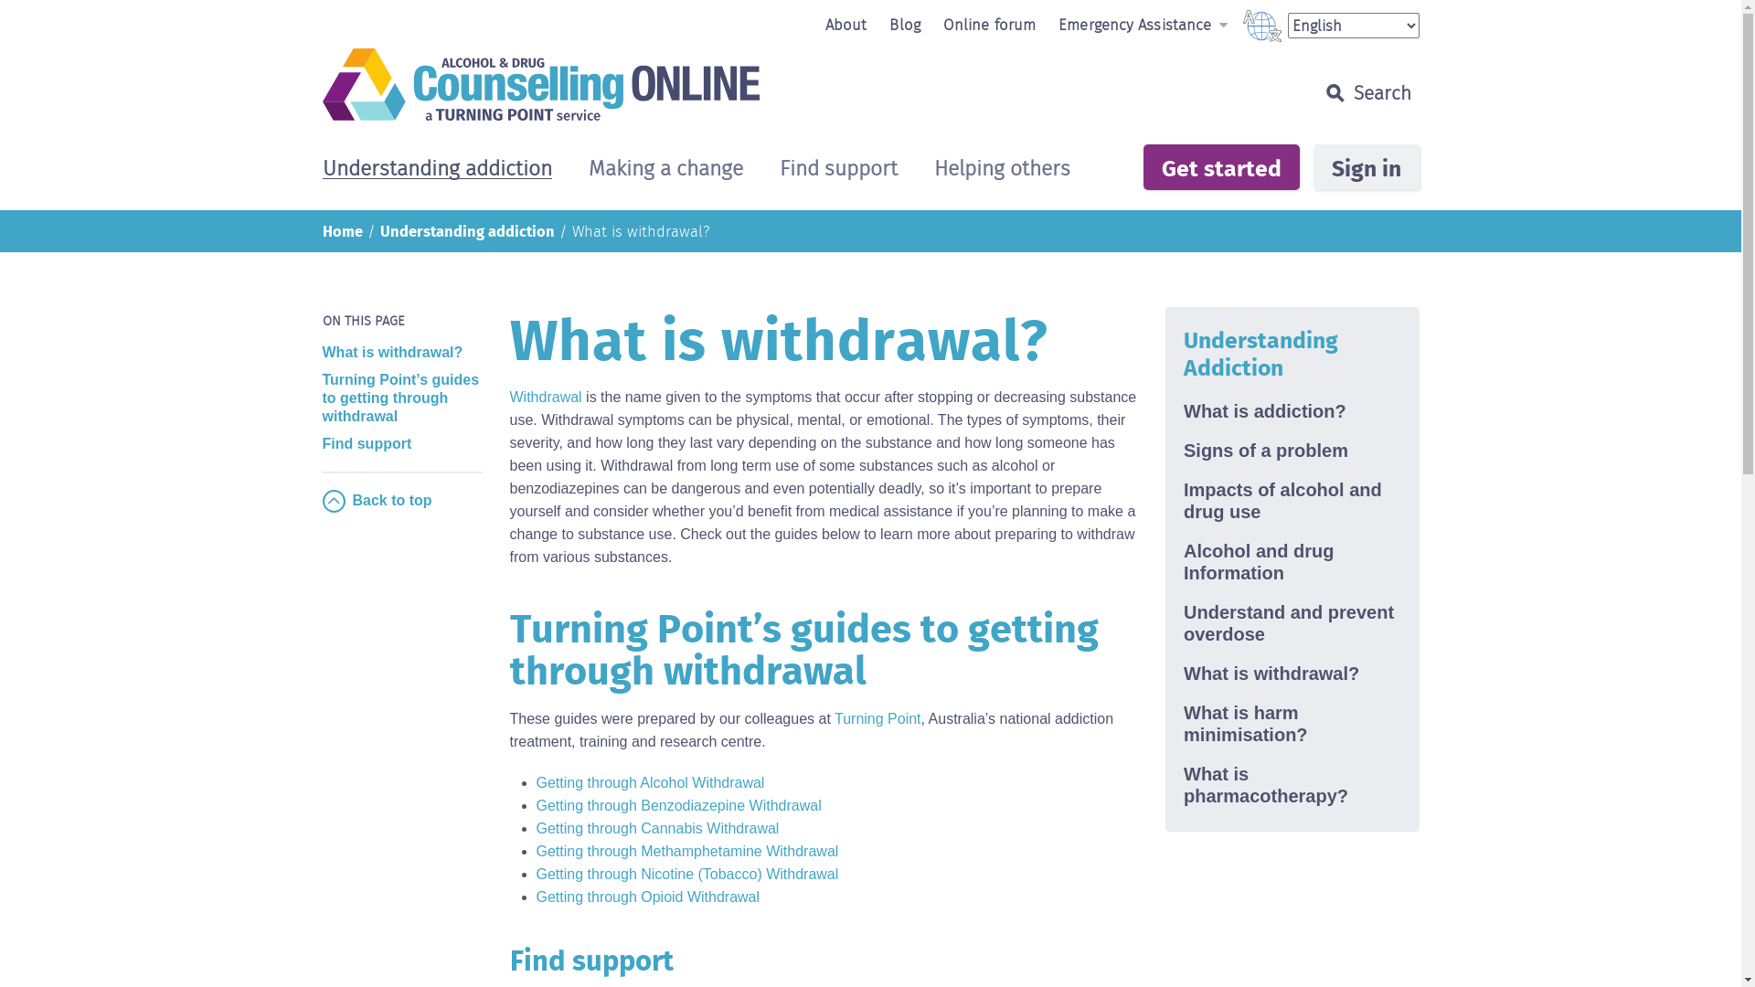  I want to click on 'Impacts of alcohol and drug use', so click(1292, 498).